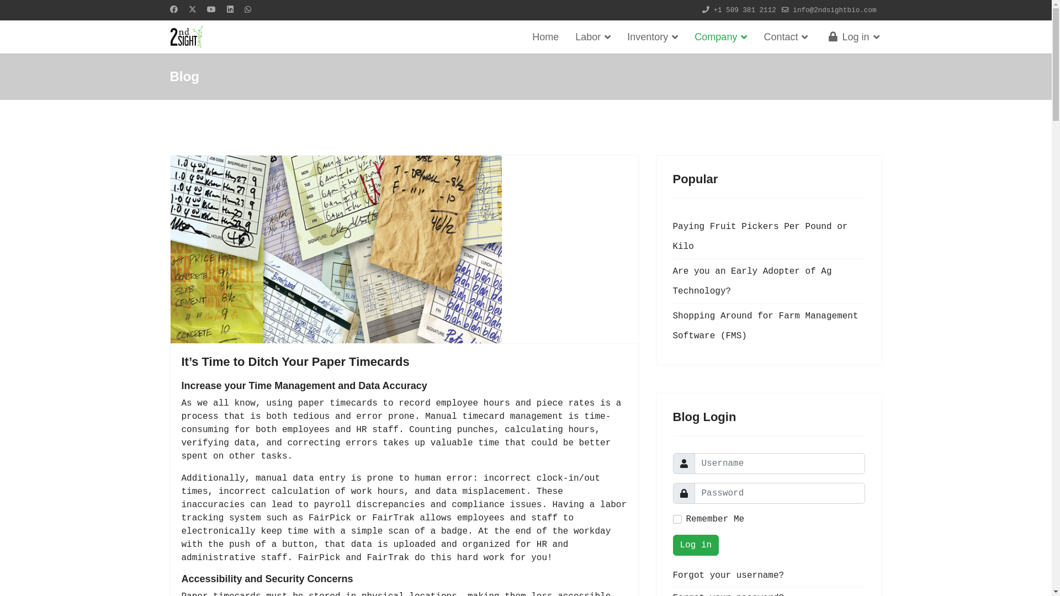 The image size is (1060, 596). Describe the element at coordinates (768, 236) in the screenshot. I see `'Paying Fruit Pickers Per Pound or Kilo'` at that location.